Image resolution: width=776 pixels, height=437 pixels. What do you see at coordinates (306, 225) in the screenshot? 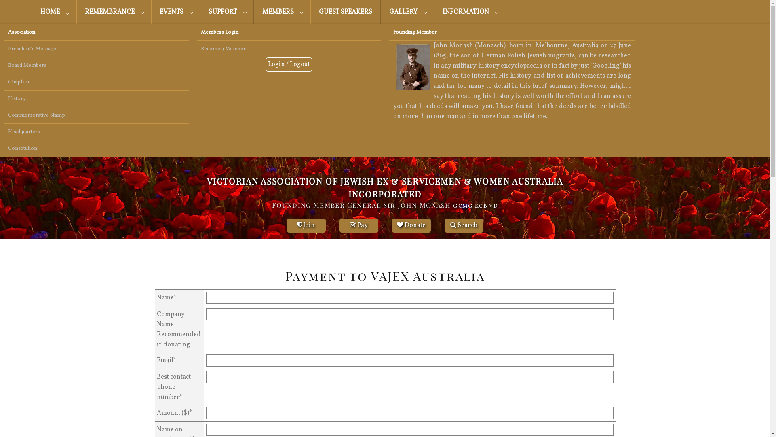
I see `'Join'` at bounding box center [306, 225].